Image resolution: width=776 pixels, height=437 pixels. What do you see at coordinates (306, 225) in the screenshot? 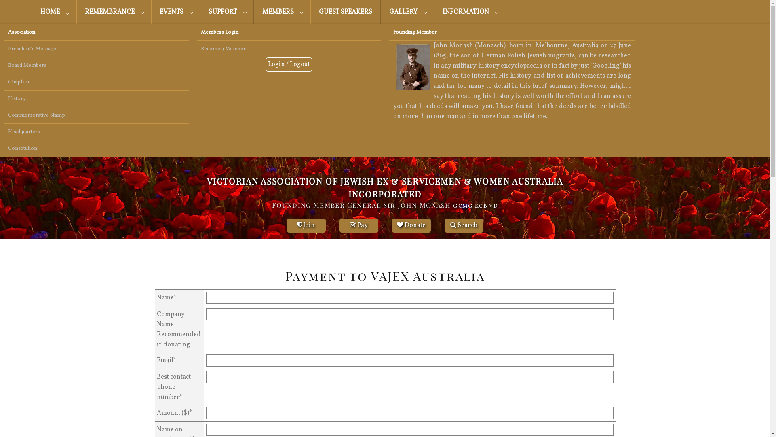
I see `'Join'` at bounding box center [306, 225].